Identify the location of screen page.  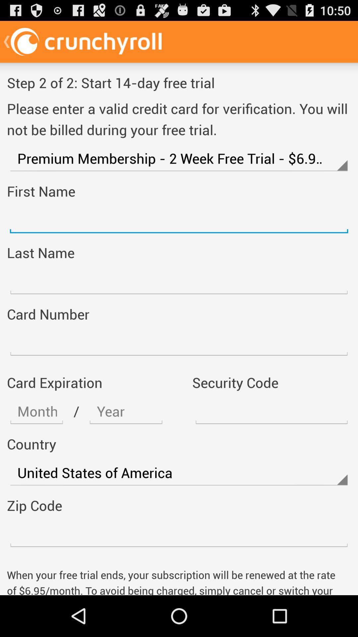
(36, 411).